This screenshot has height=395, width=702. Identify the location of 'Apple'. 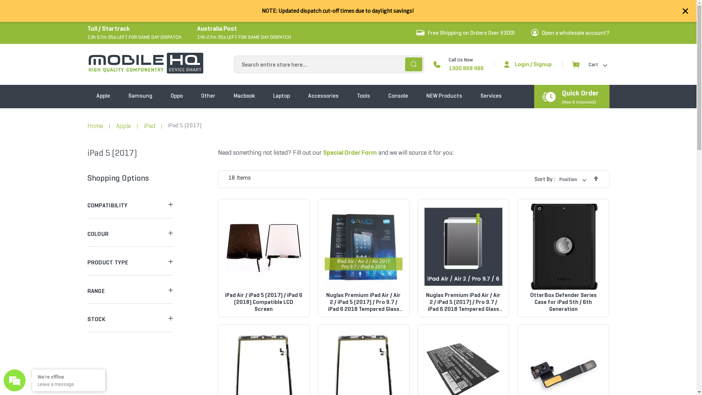
(123, 125).